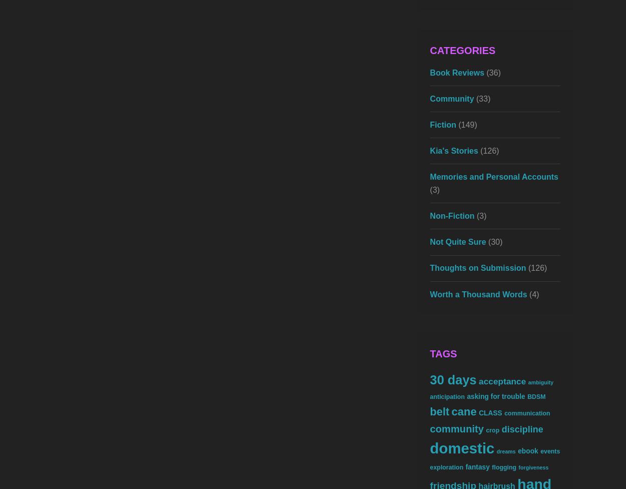 The width and height of the screenshot is (626, 489). I want to click on '(30)', so click(493, 242).